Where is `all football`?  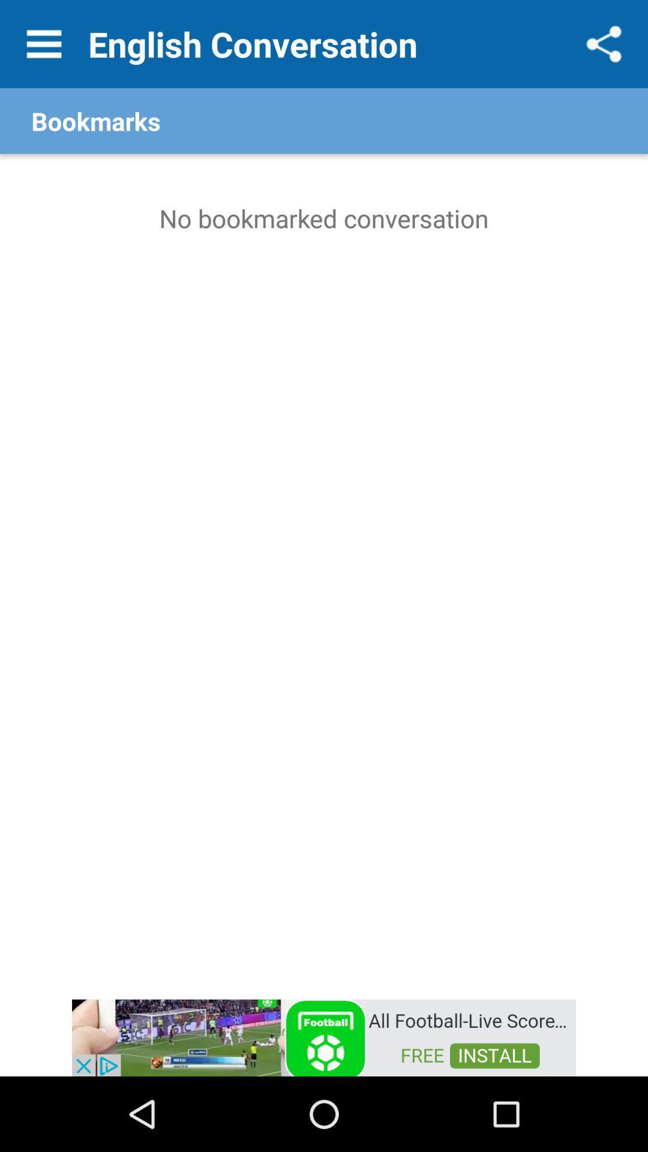 all football is located at coordinates (324, 1036).